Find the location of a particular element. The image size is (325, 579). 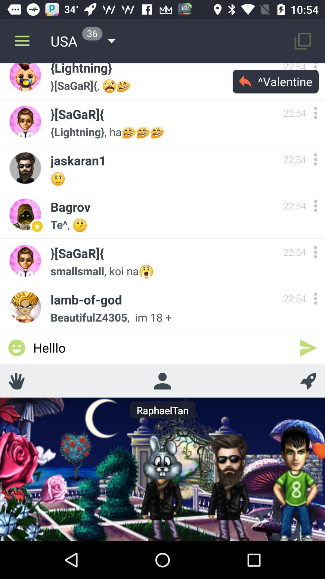

open options menu is located at coordinates (315, 298).